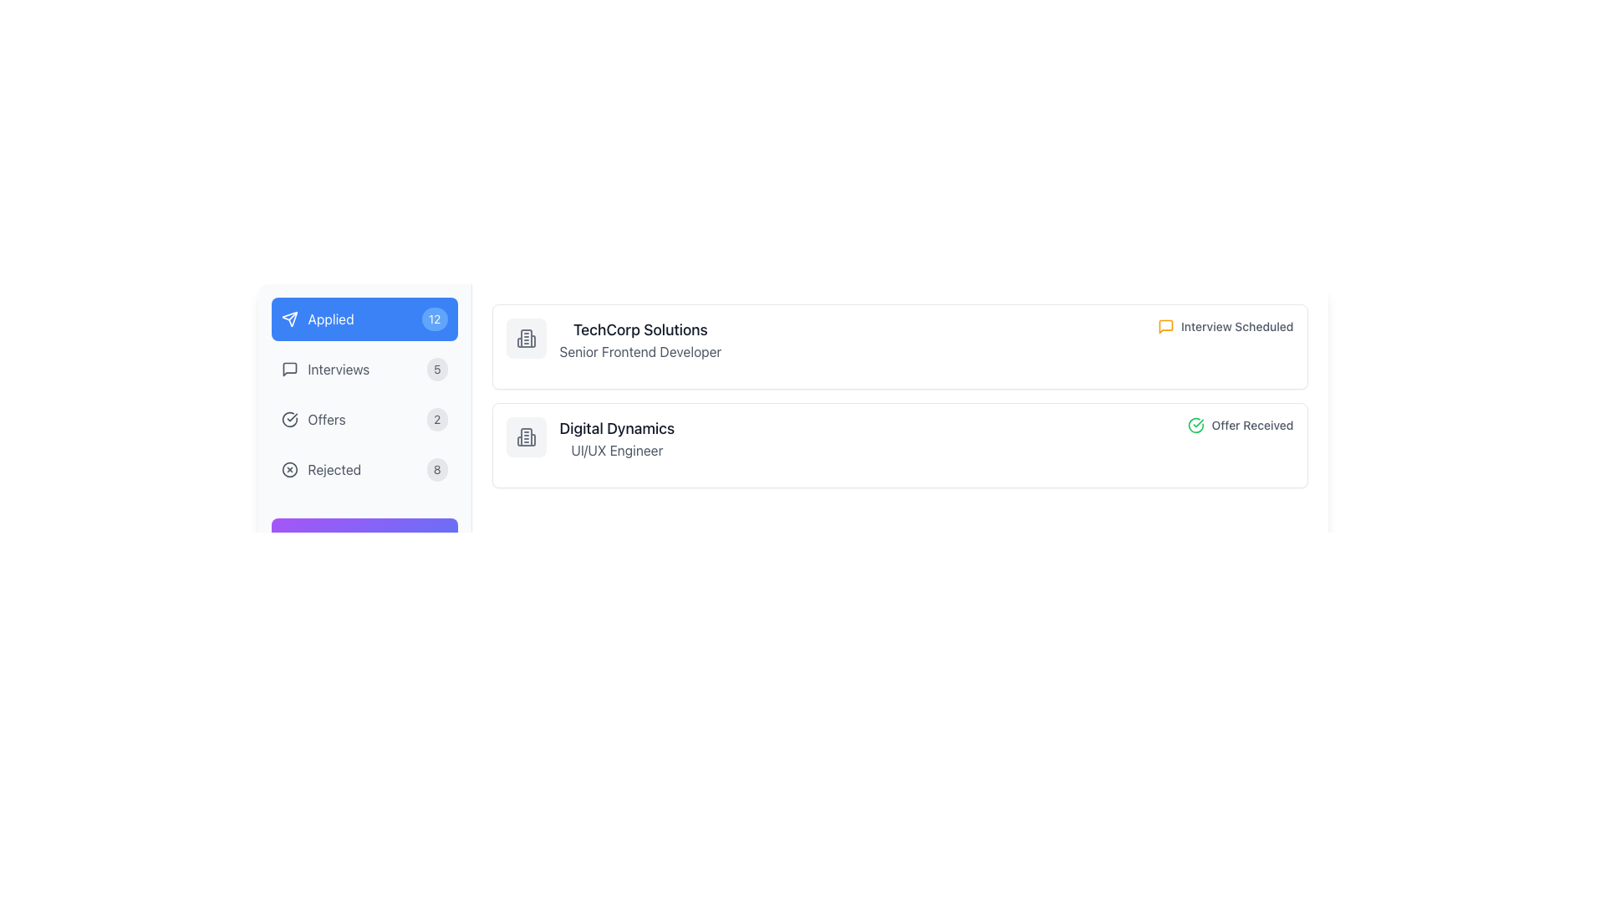  What do you see at coordinates (616, 450) in the screenshot?
I see `job title text display associated with the company 'Digital Dynamics' located directly beneath the company name` at bounding box center [616, 450].